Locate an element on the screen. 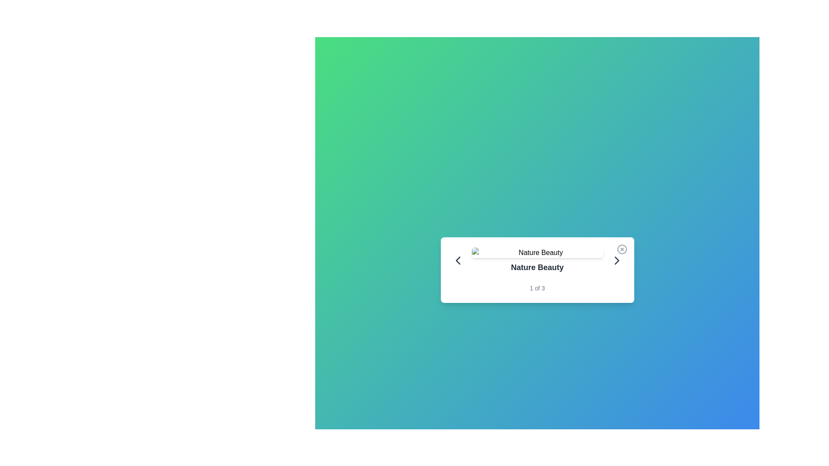  the close button, which is a small circular button with an 'x' icon, located at the top-right corner of the white rectangular card interface is located at coordinates (622, 249).